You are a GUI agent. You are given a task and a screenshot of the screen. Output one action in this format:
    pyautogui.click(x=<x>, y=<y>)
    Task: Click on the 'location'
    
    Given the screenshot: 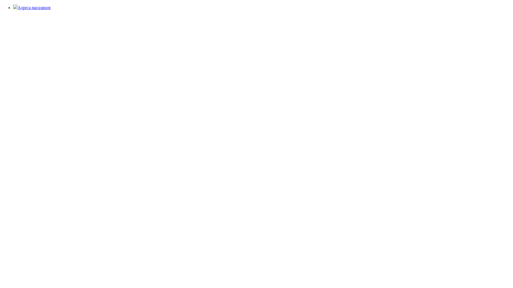 What is the action you would take?
    pyautogui.click(x=13, y=6)
    